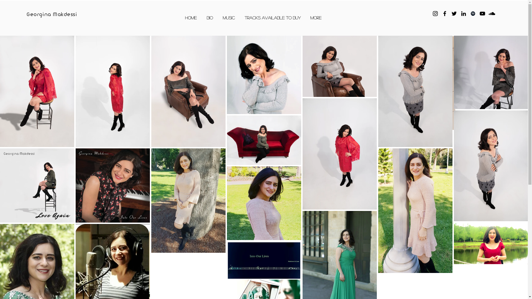 The width and height of the screenshot is (532, 299). I want to click on 'BIO', so click(201, 17).